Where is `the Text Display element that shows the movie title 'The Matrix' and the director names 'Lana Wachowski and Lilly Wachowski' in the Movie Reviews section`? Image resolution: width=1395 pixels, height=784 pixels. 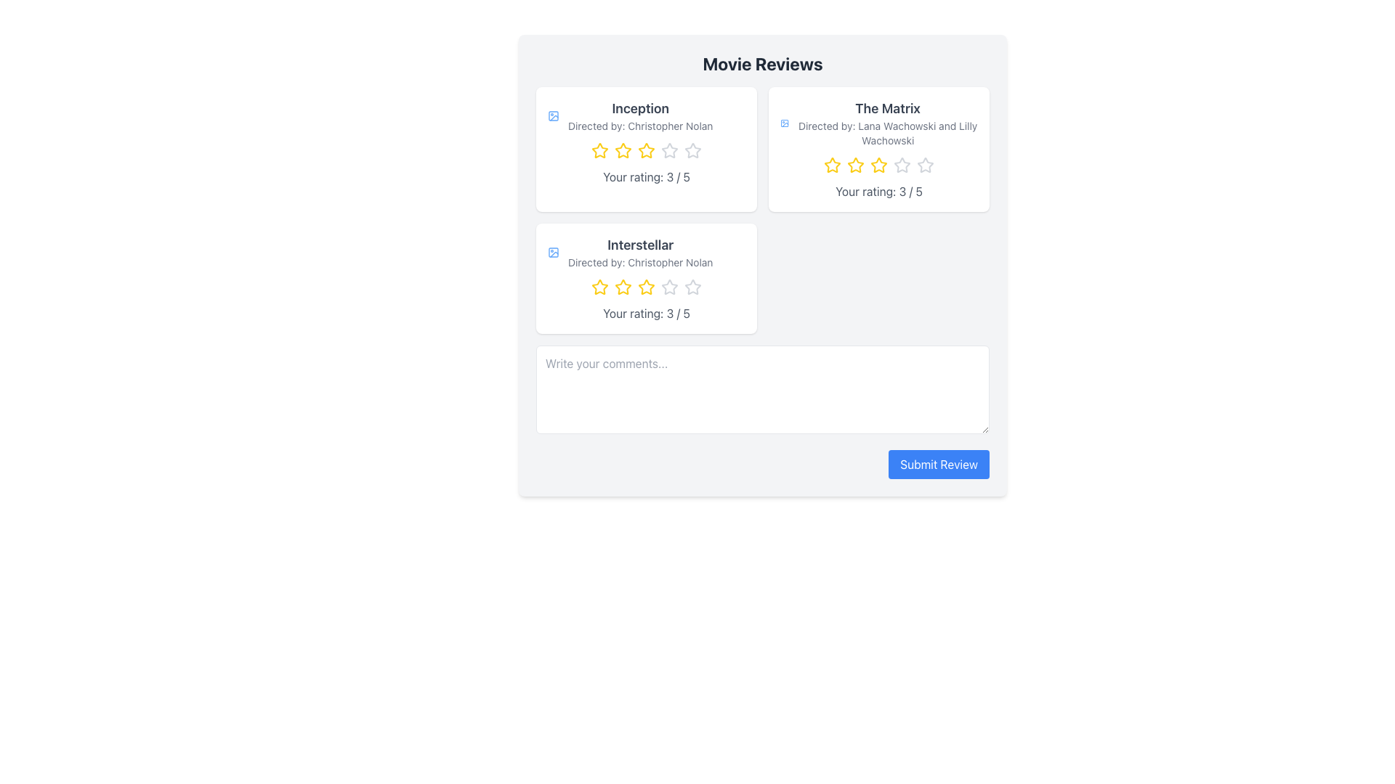
the Text Display element that shows the movie title 'The Matrix' and the director names 'Lana Wachowski and Lilly Wachowski' in the Movie Reviews section is located at coordinates (878, 122).